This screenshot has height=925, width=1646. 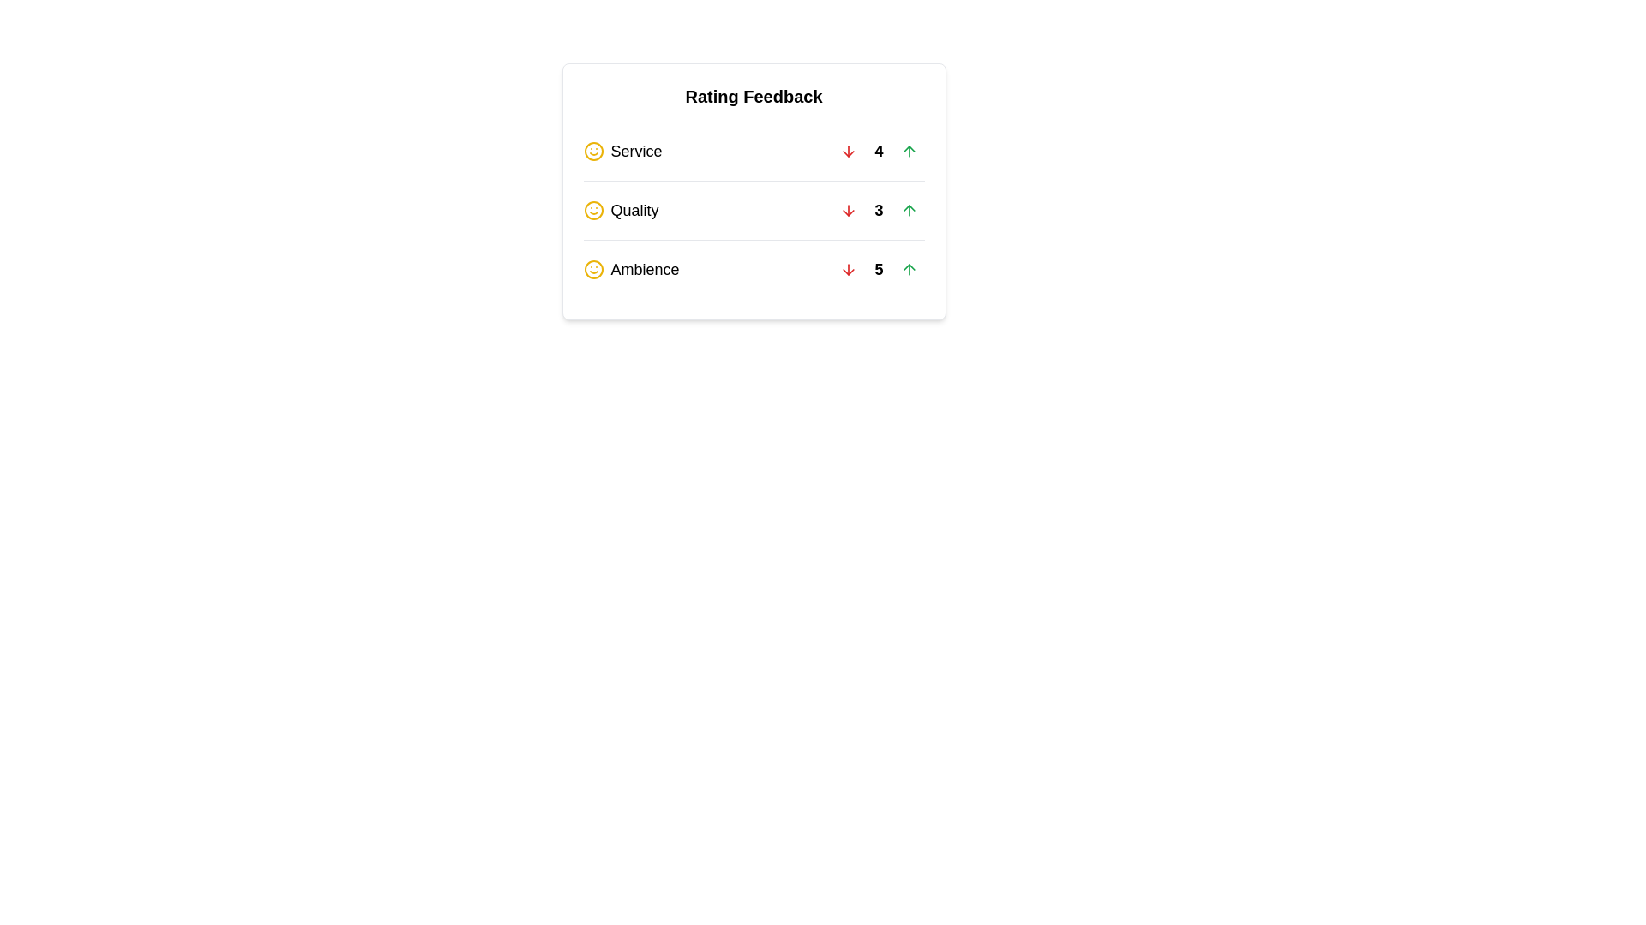 I want to click on the numeric value displayed in the 'Quality' row of the table, which is centered between the red downward arrow icon and the green upward arrow icon, so click(x=879, y=210).